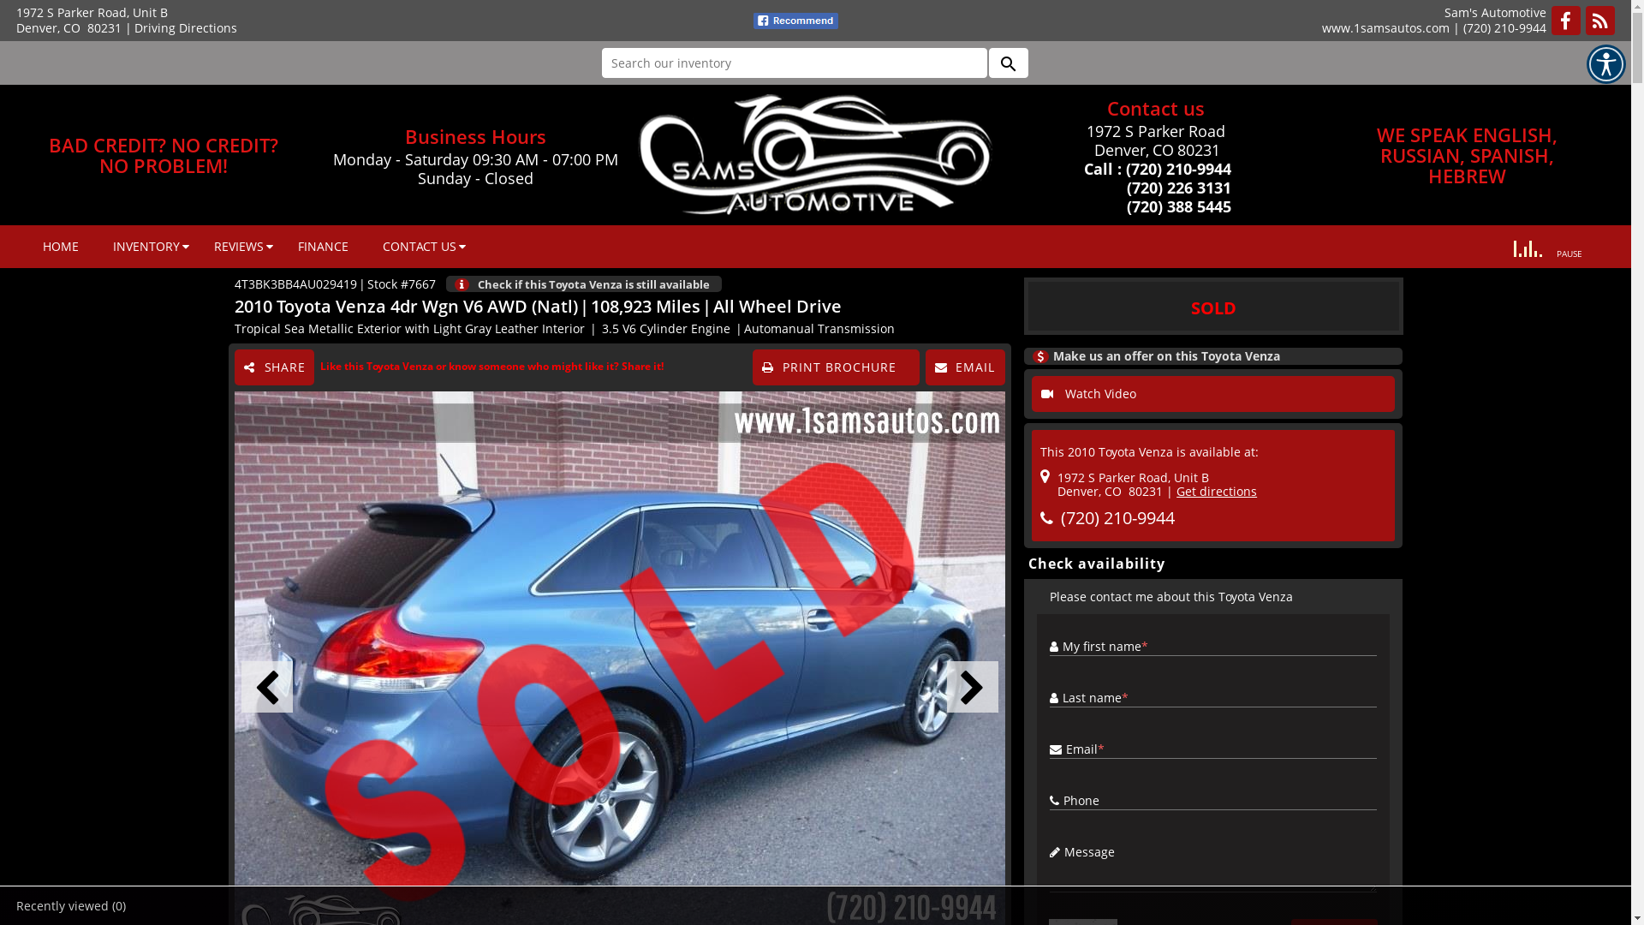 The height and width of the screenshot is (925, 1644). Describe the element at coordinates (1385, 27) in the screenshot. I see `'www.1samsautos.com'` at that location.